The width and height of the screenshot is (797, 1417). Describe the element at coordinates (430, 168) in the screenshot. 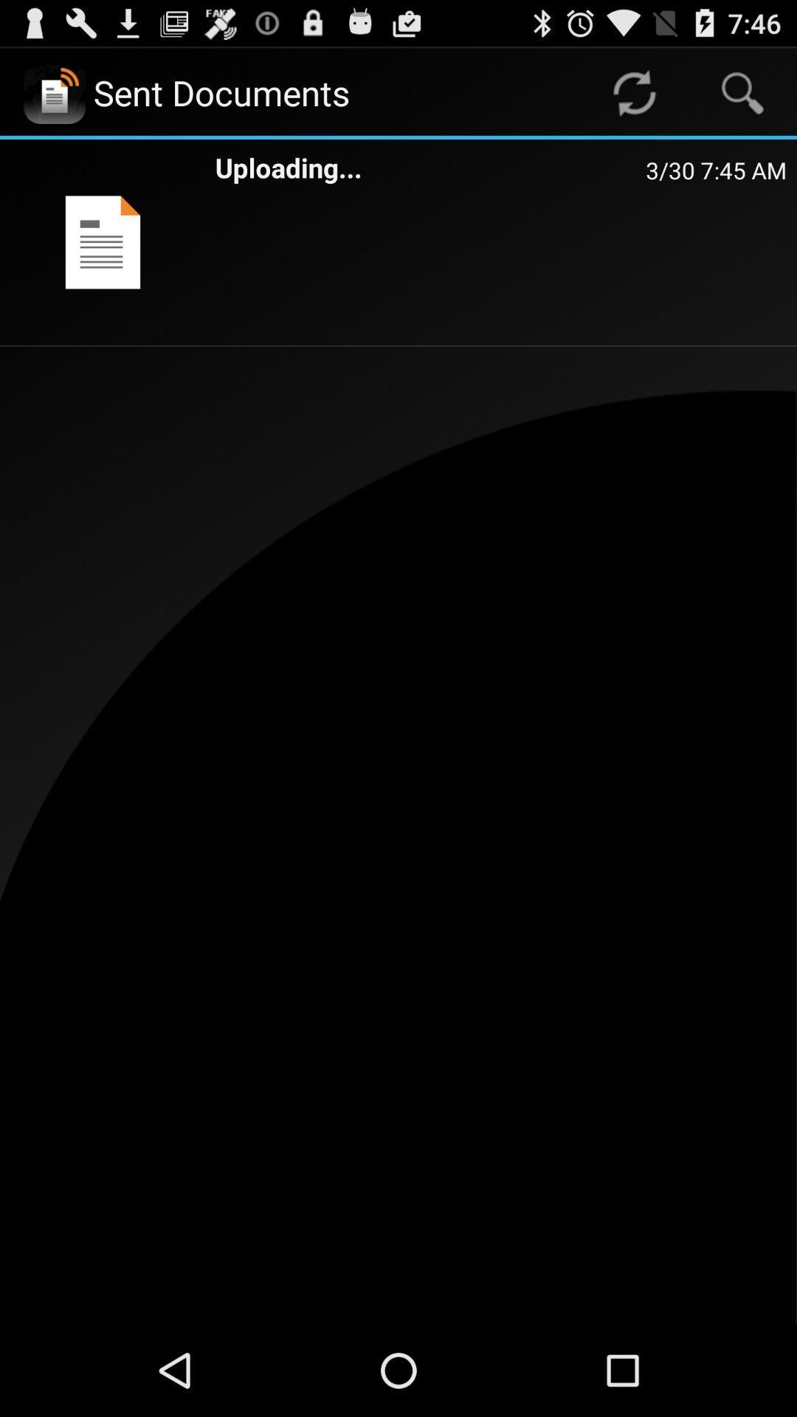

I see `the app next to the 3 30 7 item` at that location.